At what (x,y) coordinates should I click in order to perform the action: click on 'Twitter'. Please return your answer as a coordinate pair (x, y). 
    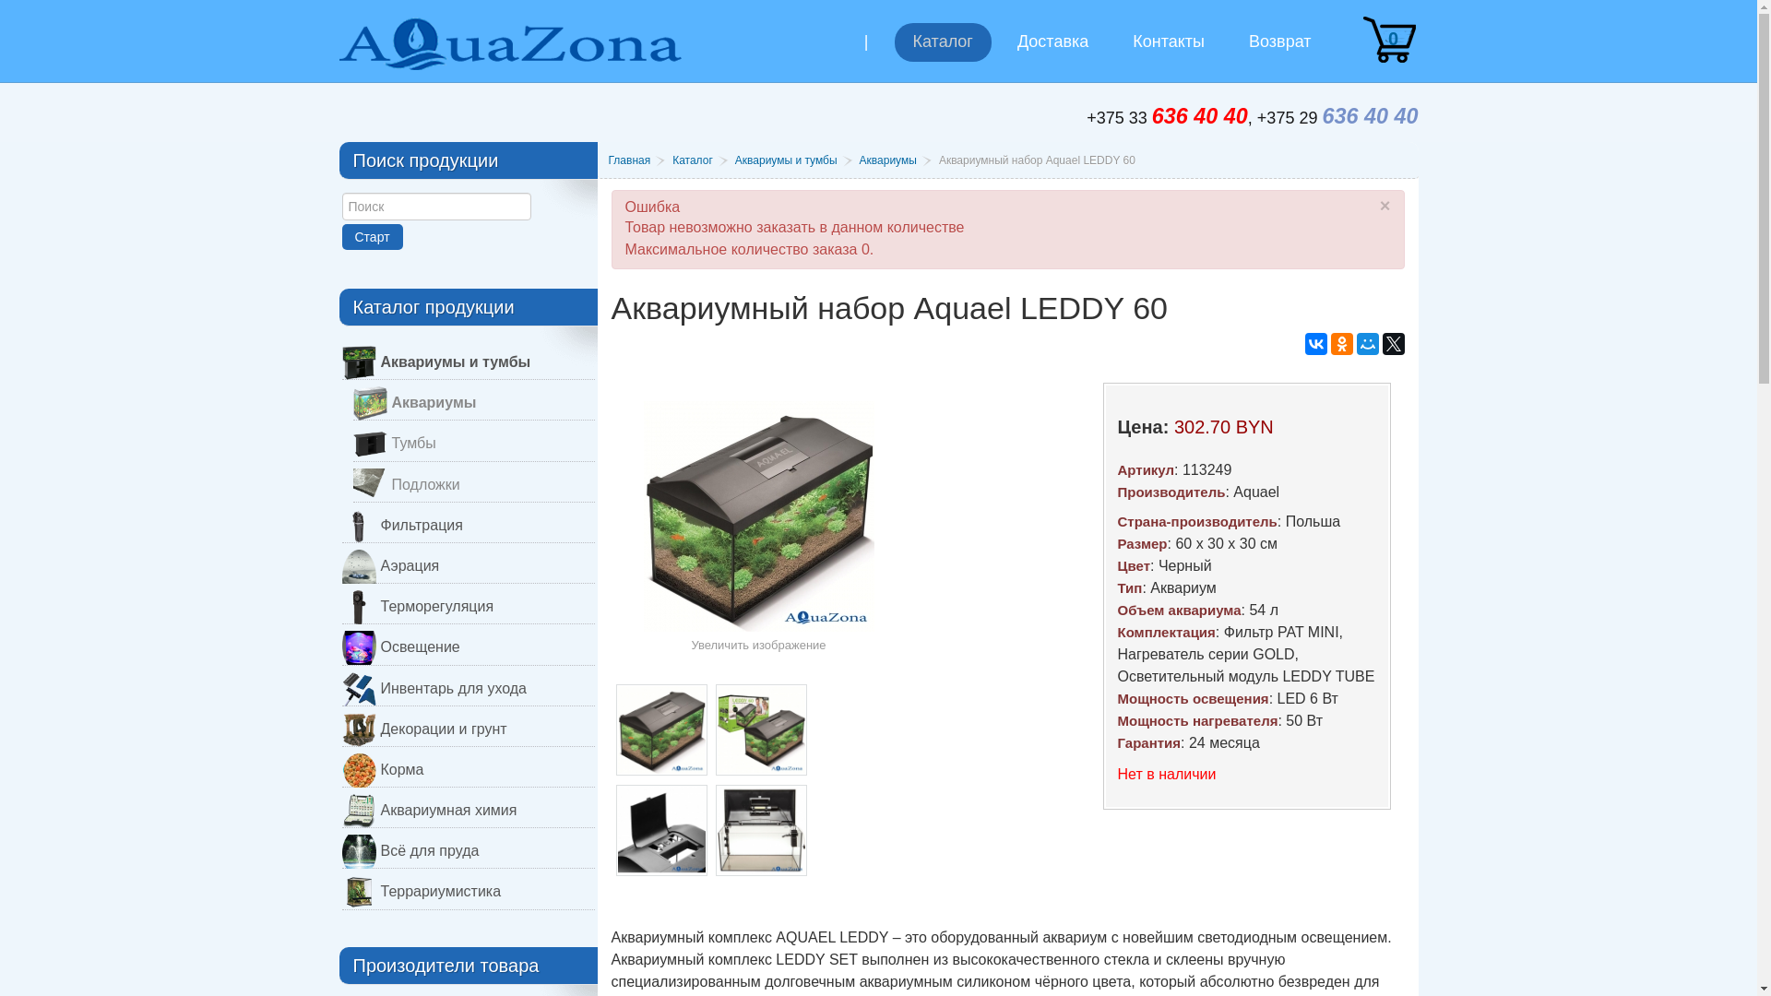
    Looking at the image, I should click on (1393, 344).